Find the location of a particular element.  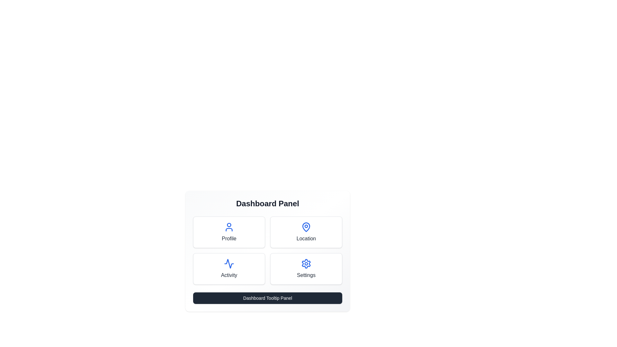

the label text located below the blue activity icon in the bottom-left quadrant of the grid layout is located at coordinates (229, 275).